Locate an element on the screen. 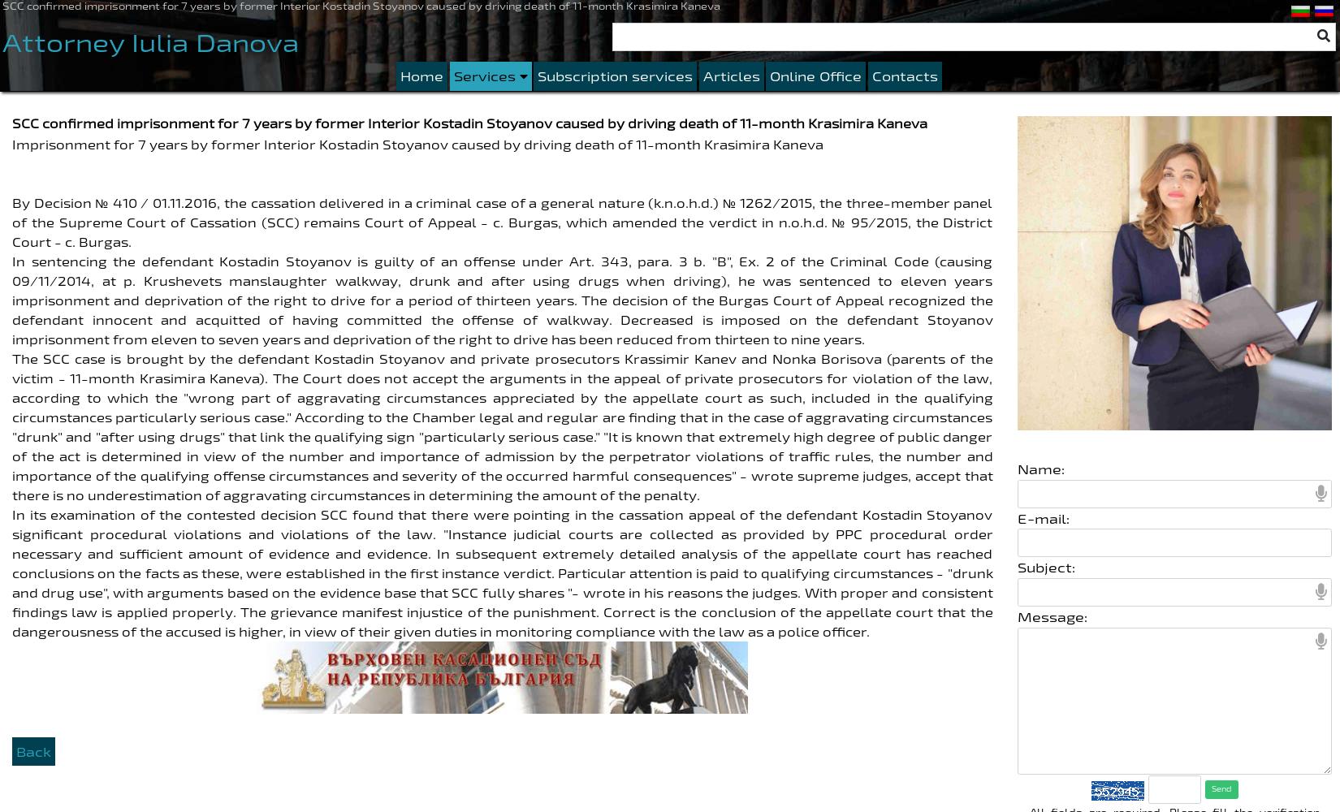 The width and height of the screenshot is (1340, 812). 'Home' is located at coordinates (421, 75).